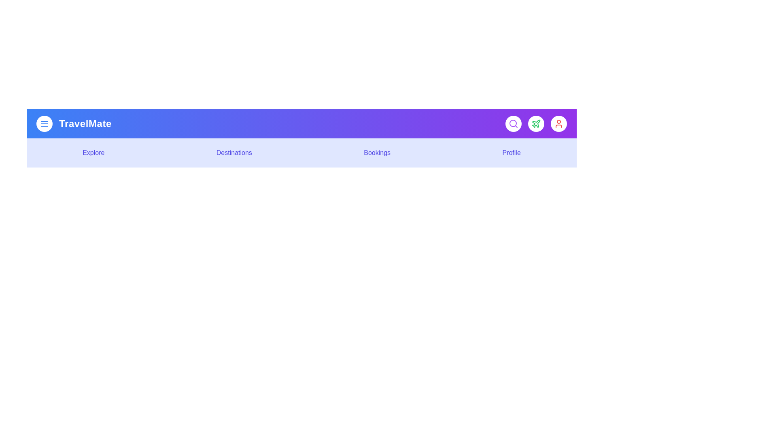 The image size is (777, 437). Describe the element at coordinates (376, 153) in the screenshot. I see `the menu item Bookings to navigate to the corresponding section` at that location.